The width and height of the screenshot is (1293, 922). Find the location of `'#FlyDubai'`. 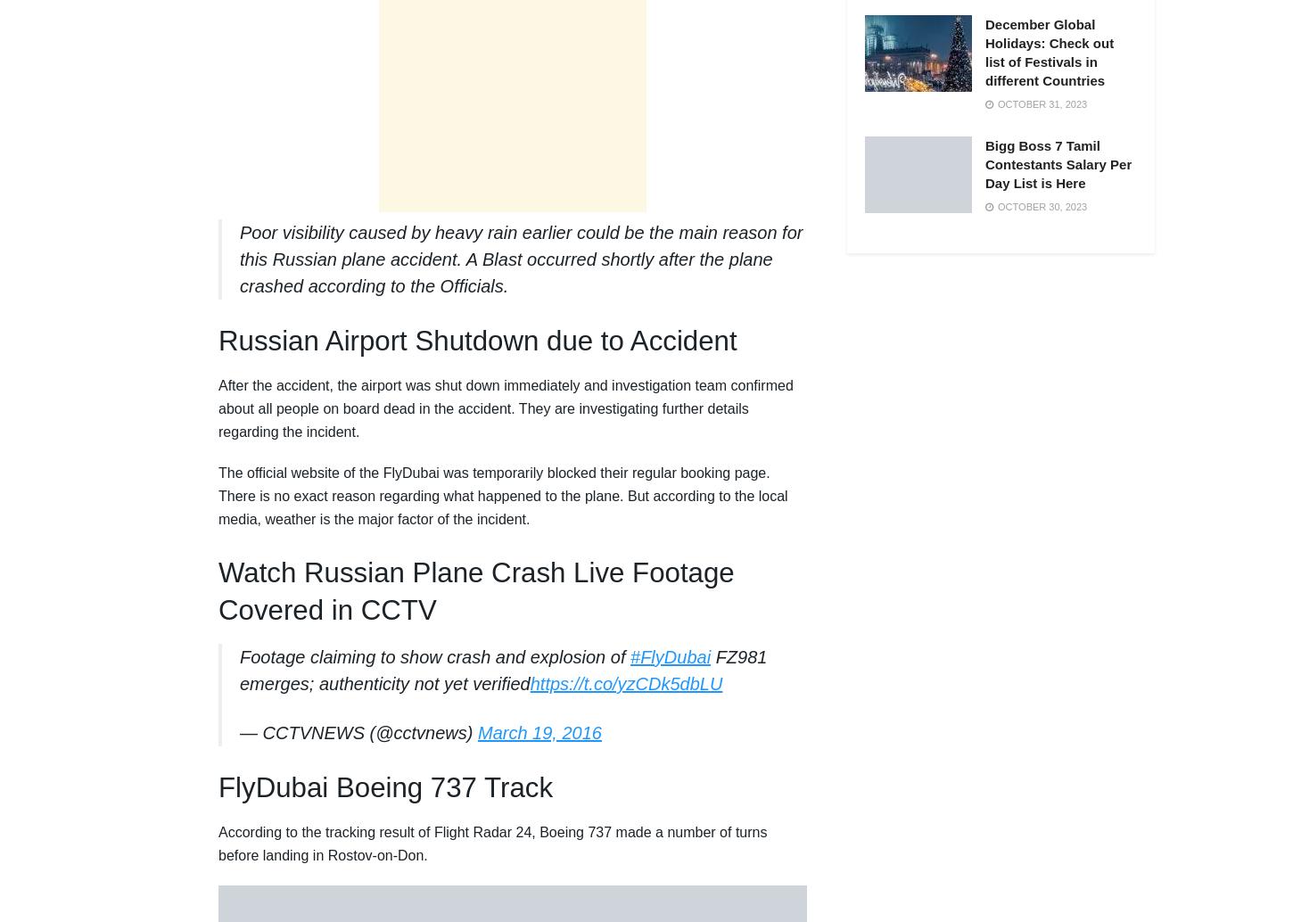

'#FlyDubai' is located at coordinates (630, 657).